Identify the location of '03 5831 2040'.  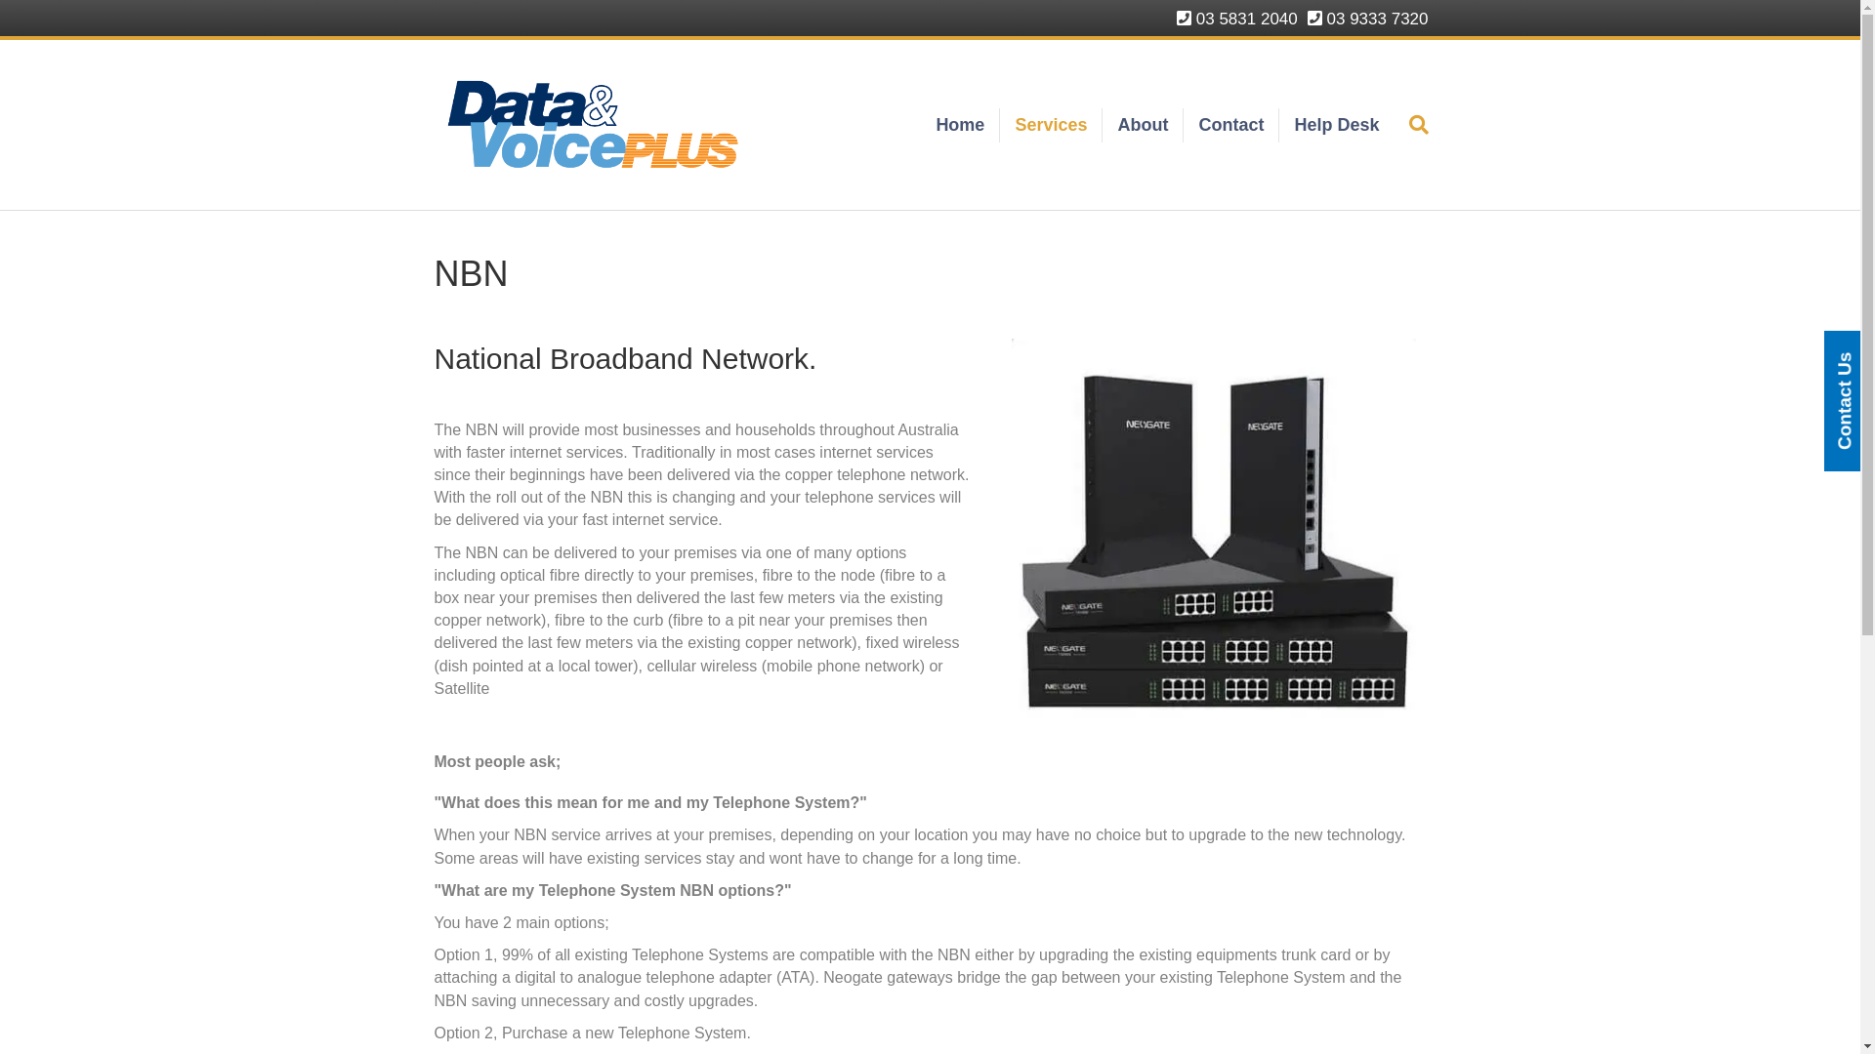
(1236, 18).